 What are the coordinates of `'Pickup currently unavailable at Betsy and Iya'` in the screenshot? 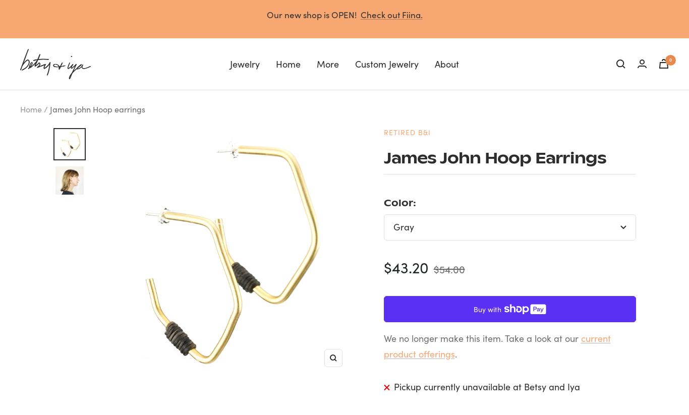 It's located at (486, 386).